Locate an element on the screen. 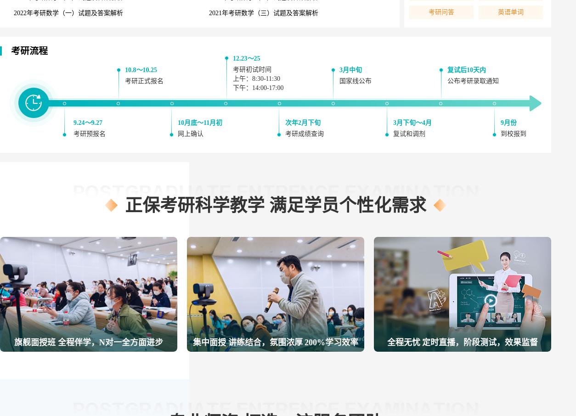 The height and width of the screenshot is (416, 576). '9.24～9.27' is located at coordinates (87, 123).